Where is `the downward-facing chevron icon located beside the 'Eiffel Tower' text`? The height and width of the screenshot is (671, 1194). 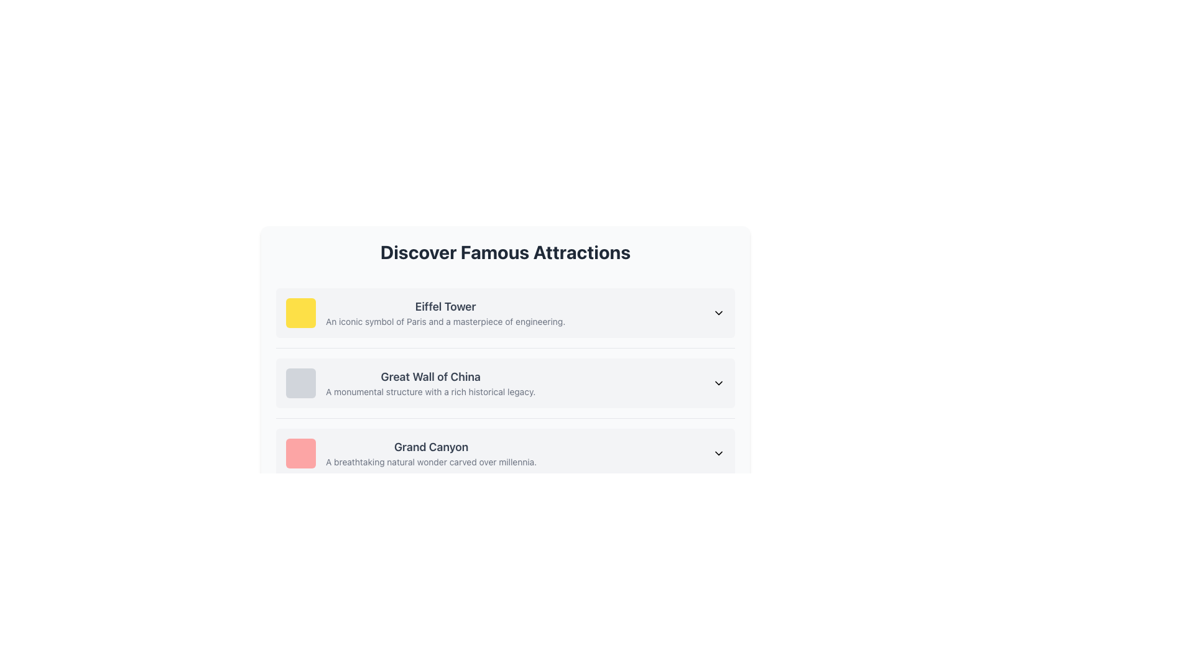 the downward-facing chevron icon located beside the 'Eiffel Tower' text is located at coordinates (719, 313).